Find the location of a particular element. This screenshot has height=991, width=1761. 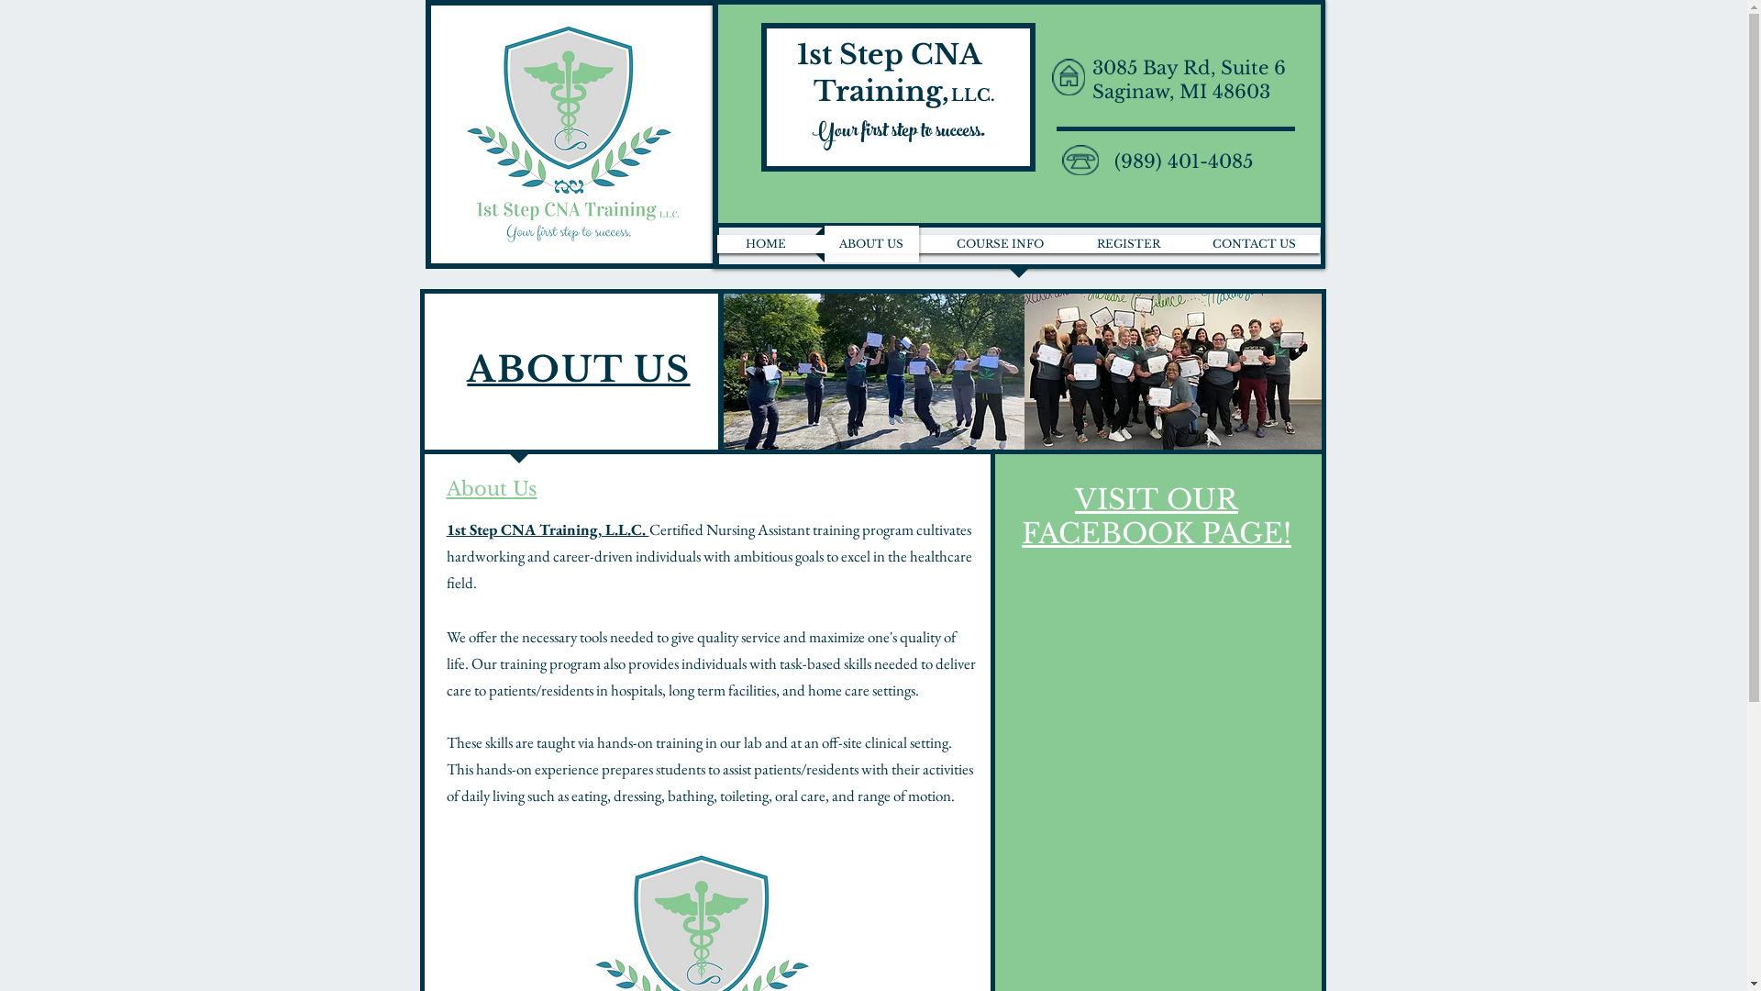

'(989) 401-4085' is located at coordinates (1183, 161).